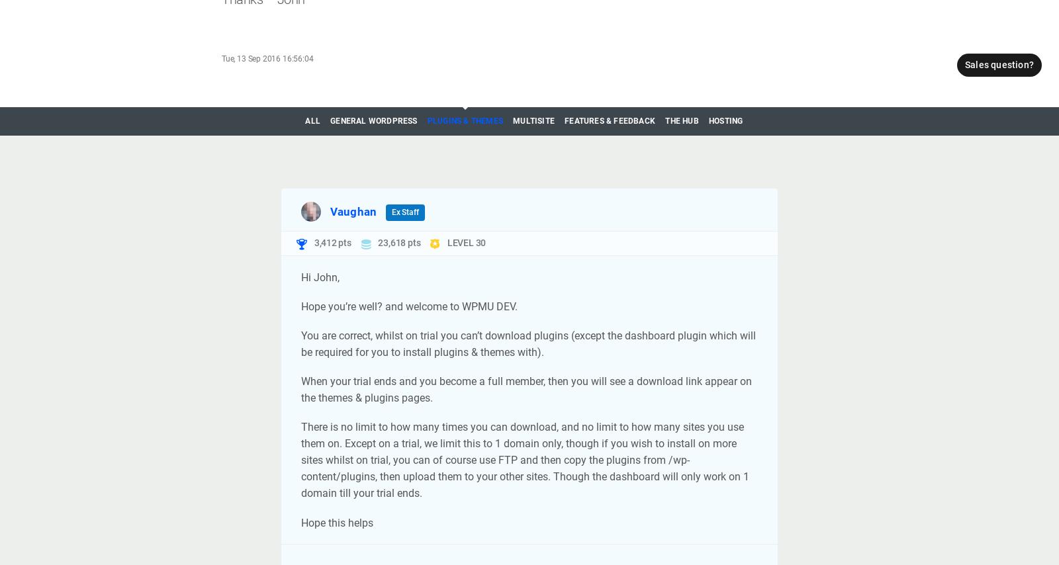 Image resolution: width=1059 pixels, height=565 pixels. I want to click on 'Hosting', so click(725, 120).